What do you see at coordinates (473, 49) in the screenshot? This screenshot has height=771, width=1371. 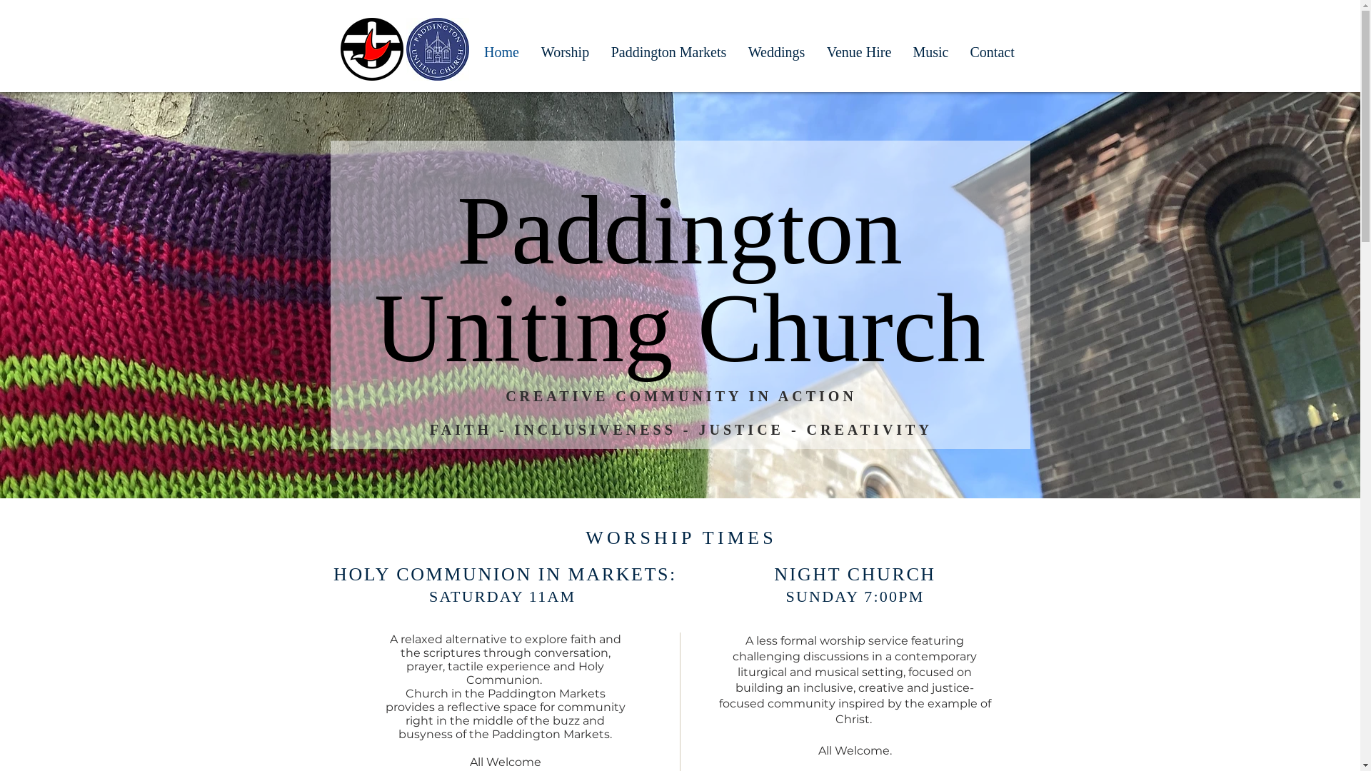 I see `'Home'` at bounding box center [473, 49].